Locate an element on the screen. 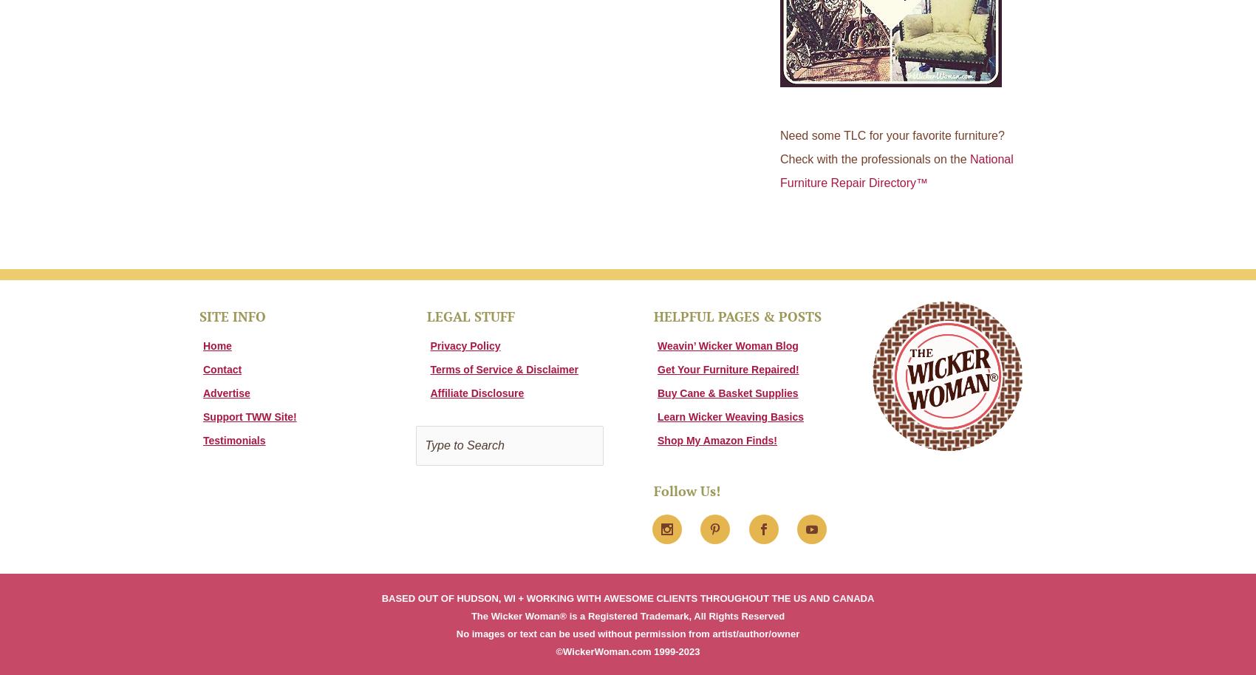 The image size is (1256, 675). 'SITE INFO' is located at coordinates (233, 316).